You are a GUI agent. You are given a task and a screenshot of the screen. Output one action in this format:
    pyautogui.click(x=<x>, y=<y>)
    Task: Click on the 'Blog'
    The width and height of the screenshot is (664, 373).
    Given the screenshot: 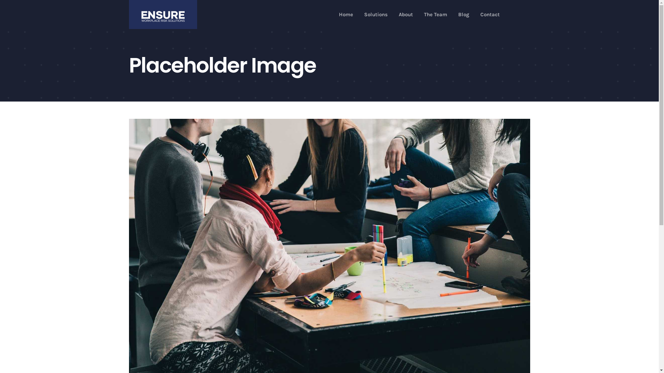 What is the action you would take?
    pyautogui.click(x=458, y=15)
    